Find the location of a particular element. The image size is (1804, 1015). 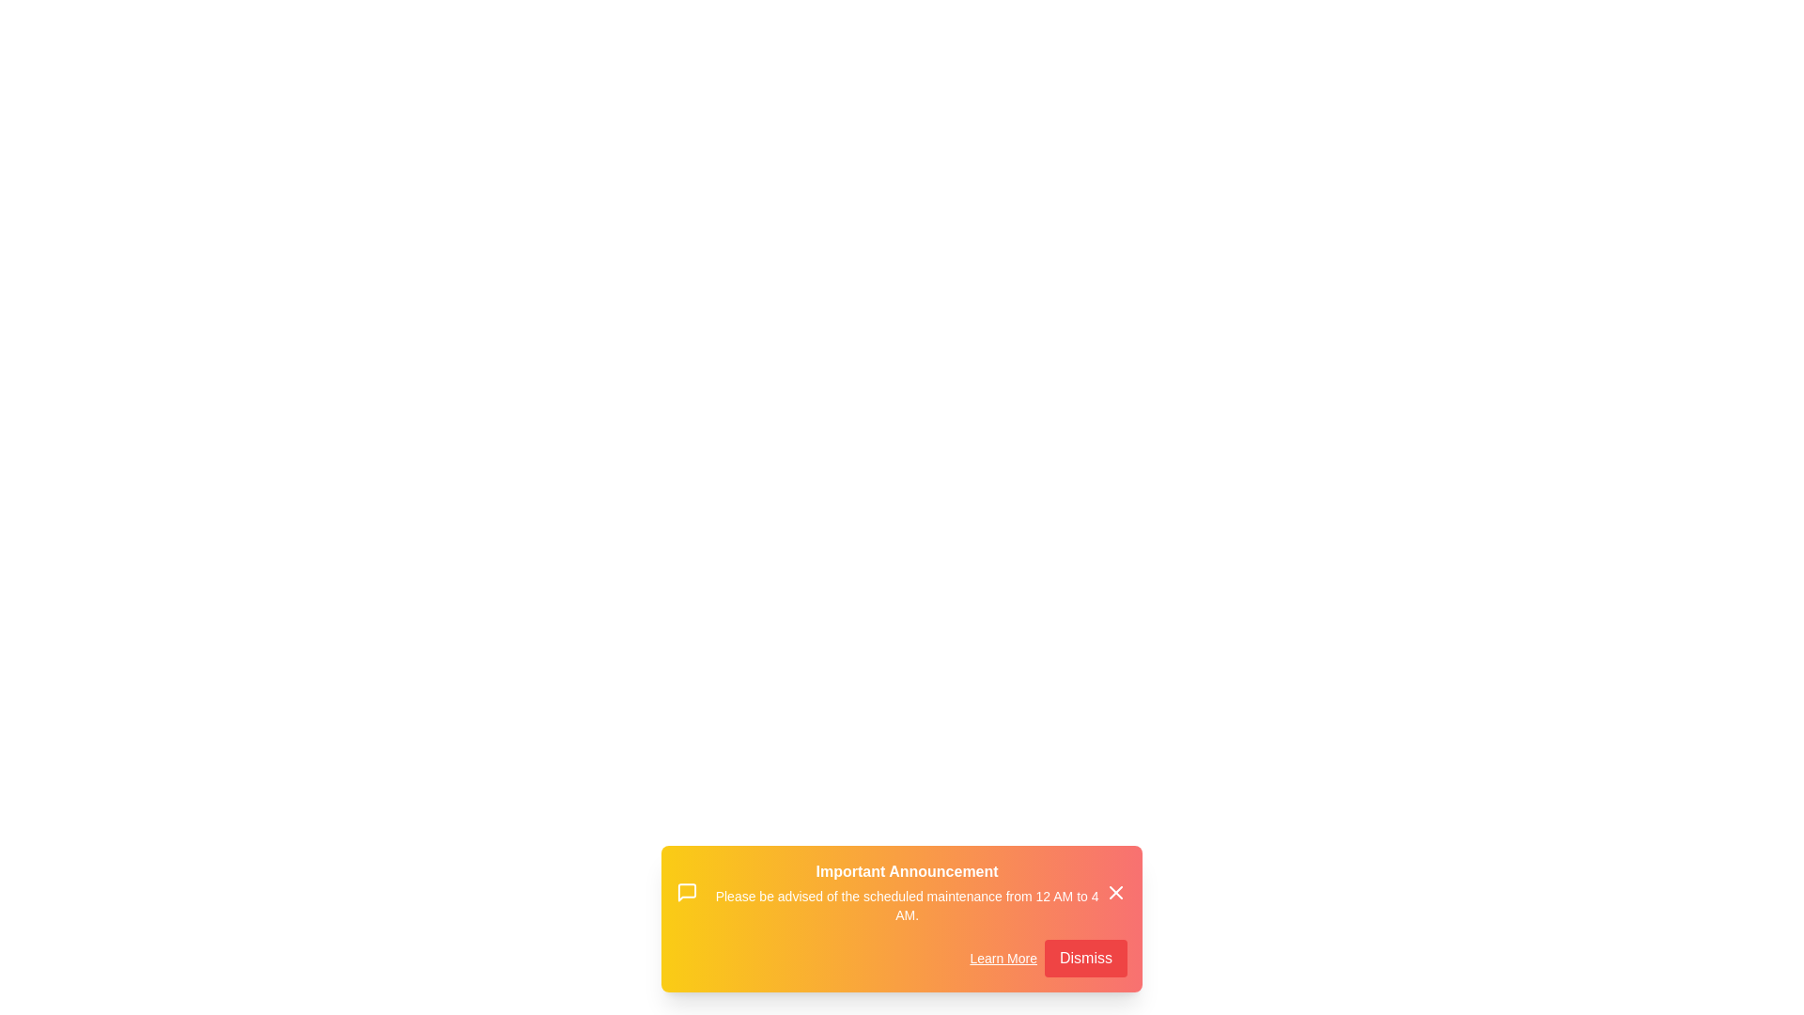

the dismiss button icon, which is an 'X' icon located in the bottom right corner of the notification box, within the red shaded section is located at coordinates (1116, 891).